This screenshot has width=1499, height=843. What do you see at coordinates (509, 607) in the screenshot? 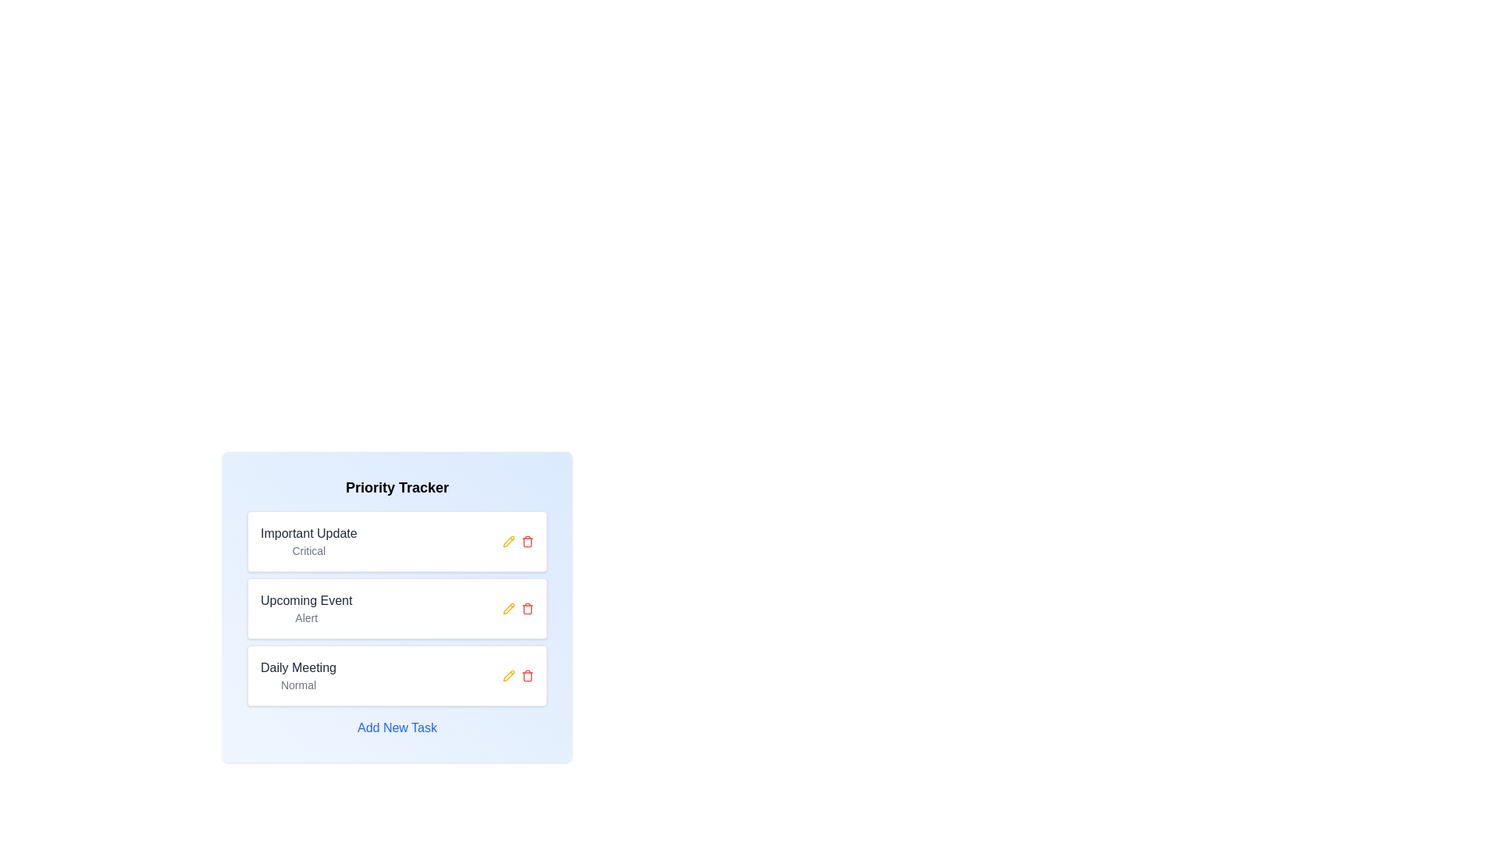
I see `the pencil icon associated with the chip titled Upcoming Event` at bounding box center [509, 607].